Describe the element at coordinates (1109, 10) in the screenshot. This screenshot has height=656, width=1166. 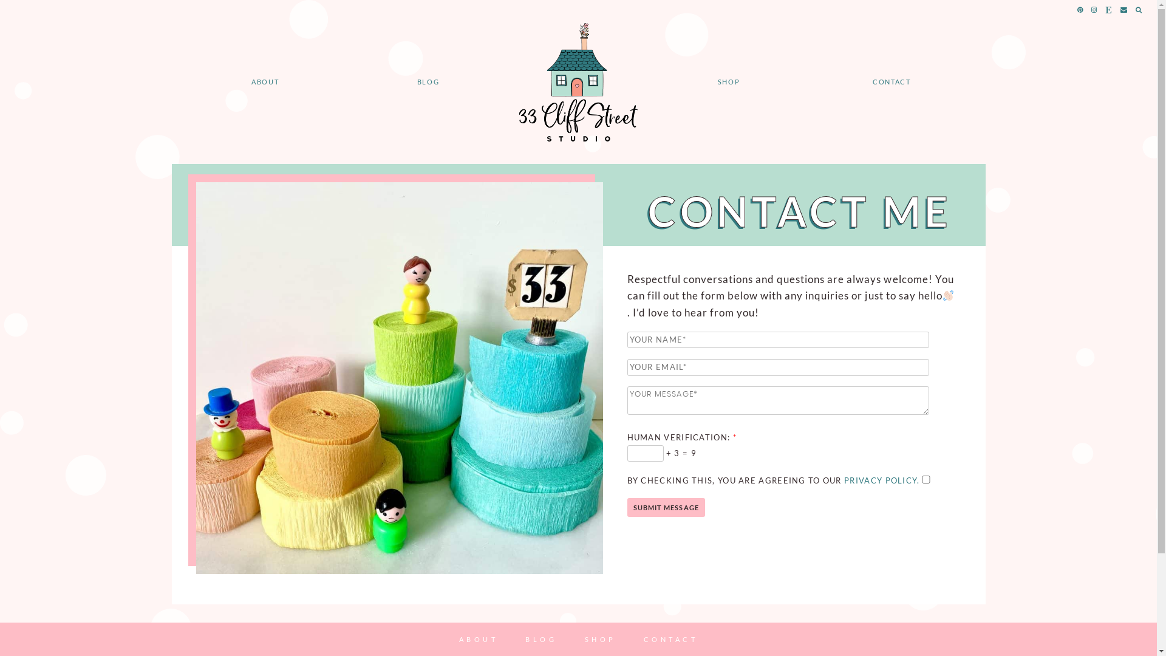
I see `'etsy icon'` at that location.